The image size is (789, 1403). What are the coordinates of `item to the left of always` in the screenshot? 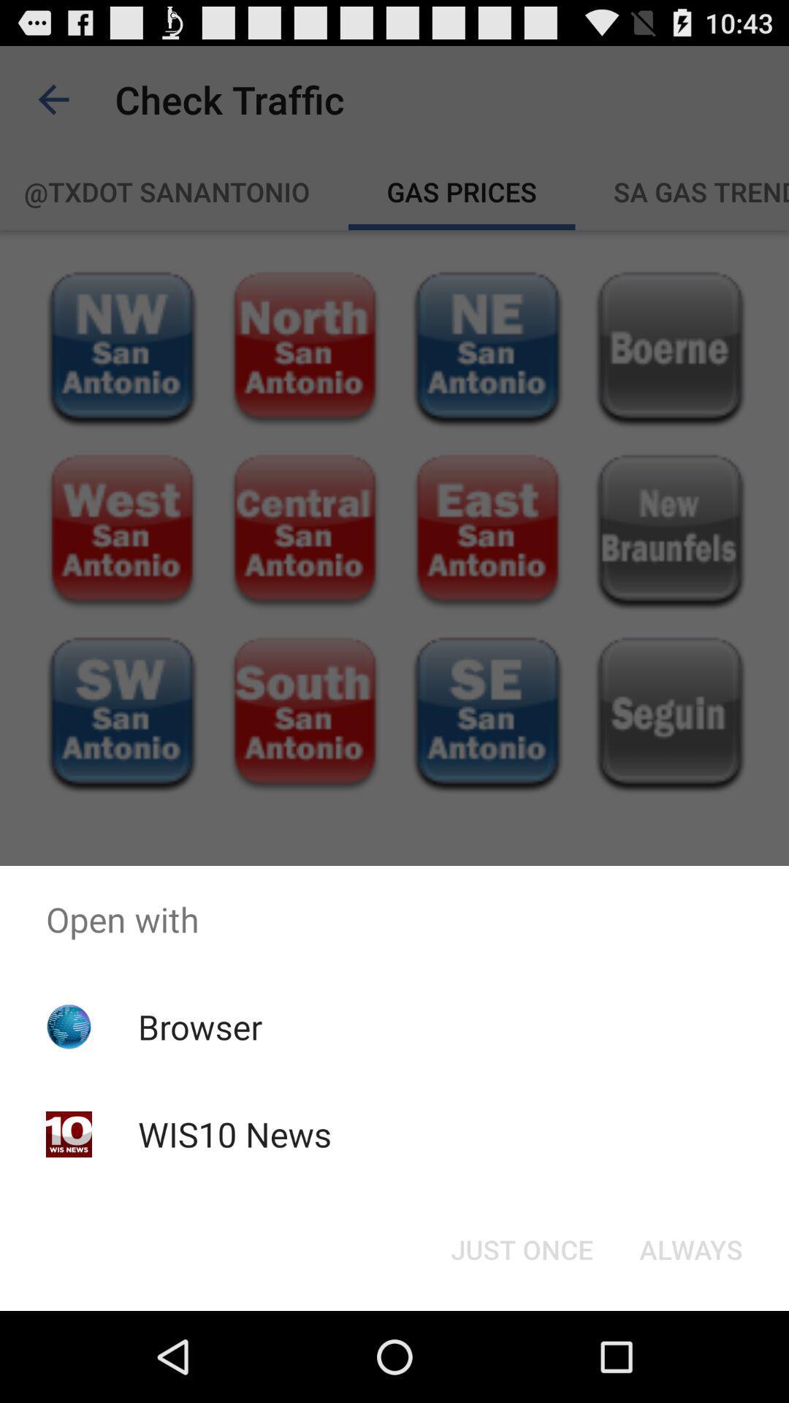 It's located at (521, 1248).